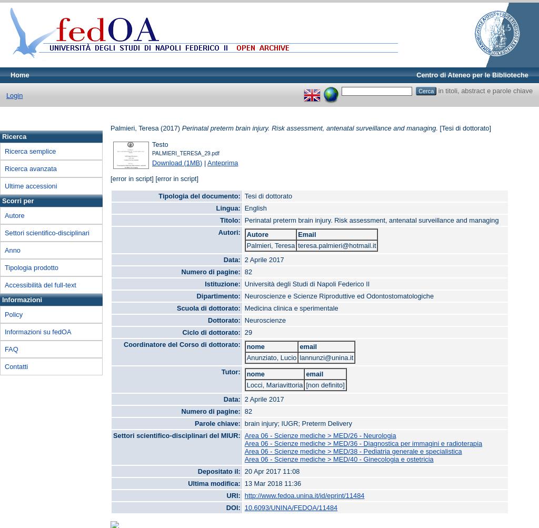 This screenshot has width=539, height=528. Describe the element at coordinates (14, 94) in the screenshot. I see `'Login'` at that location.